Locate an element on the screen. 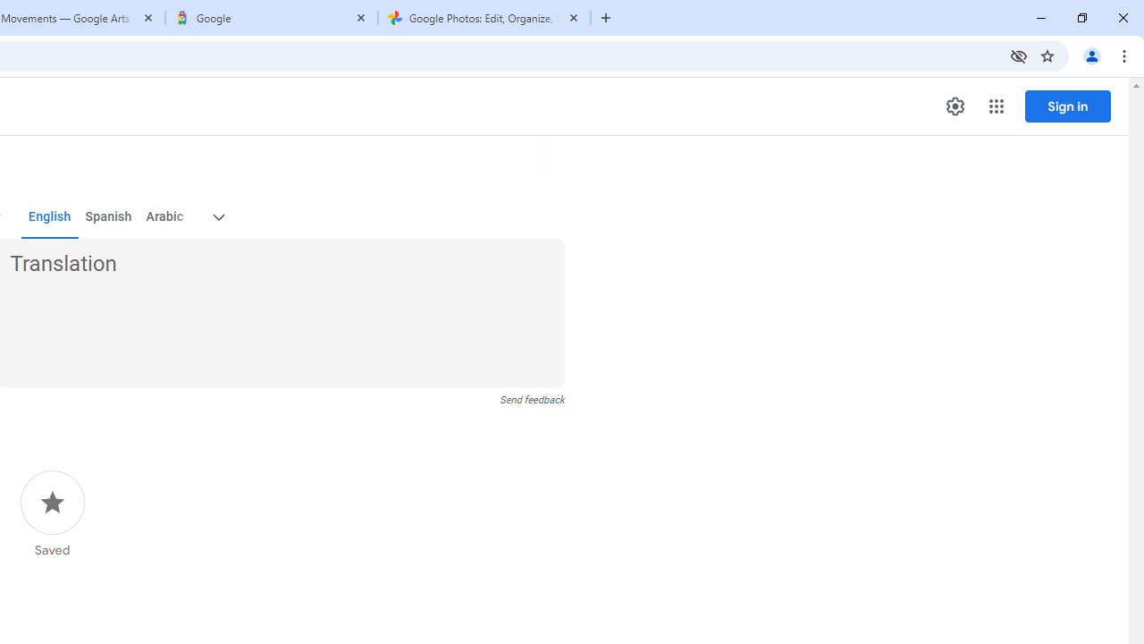  'Arabic' is located at coordinates (164, 216).